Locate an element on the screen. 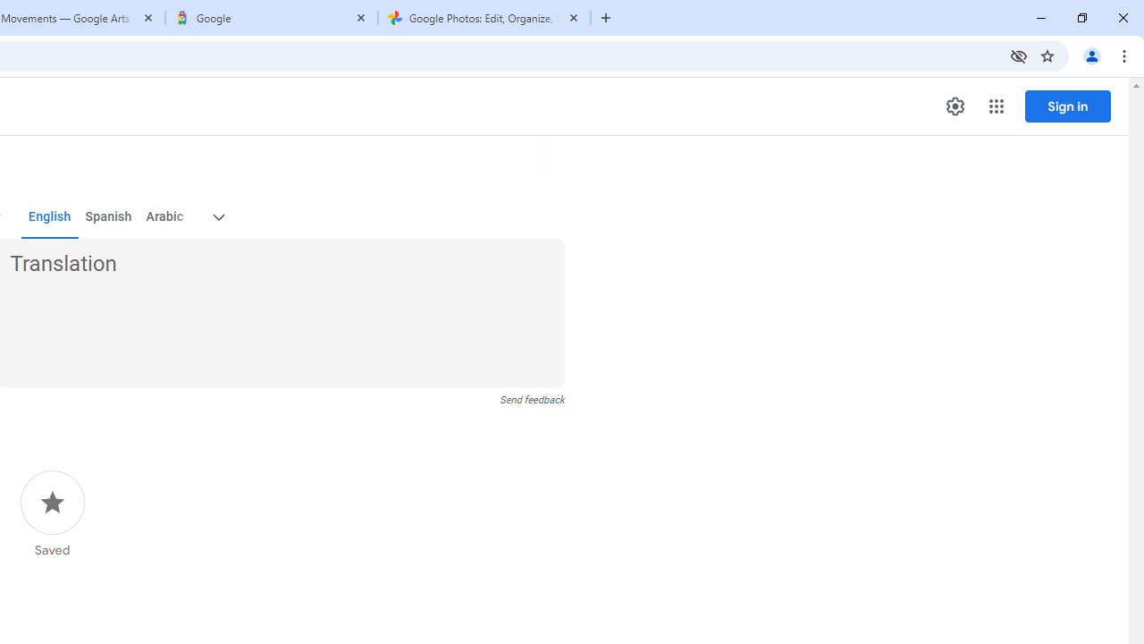  'Arabic' is located at coordinates (164, 216).